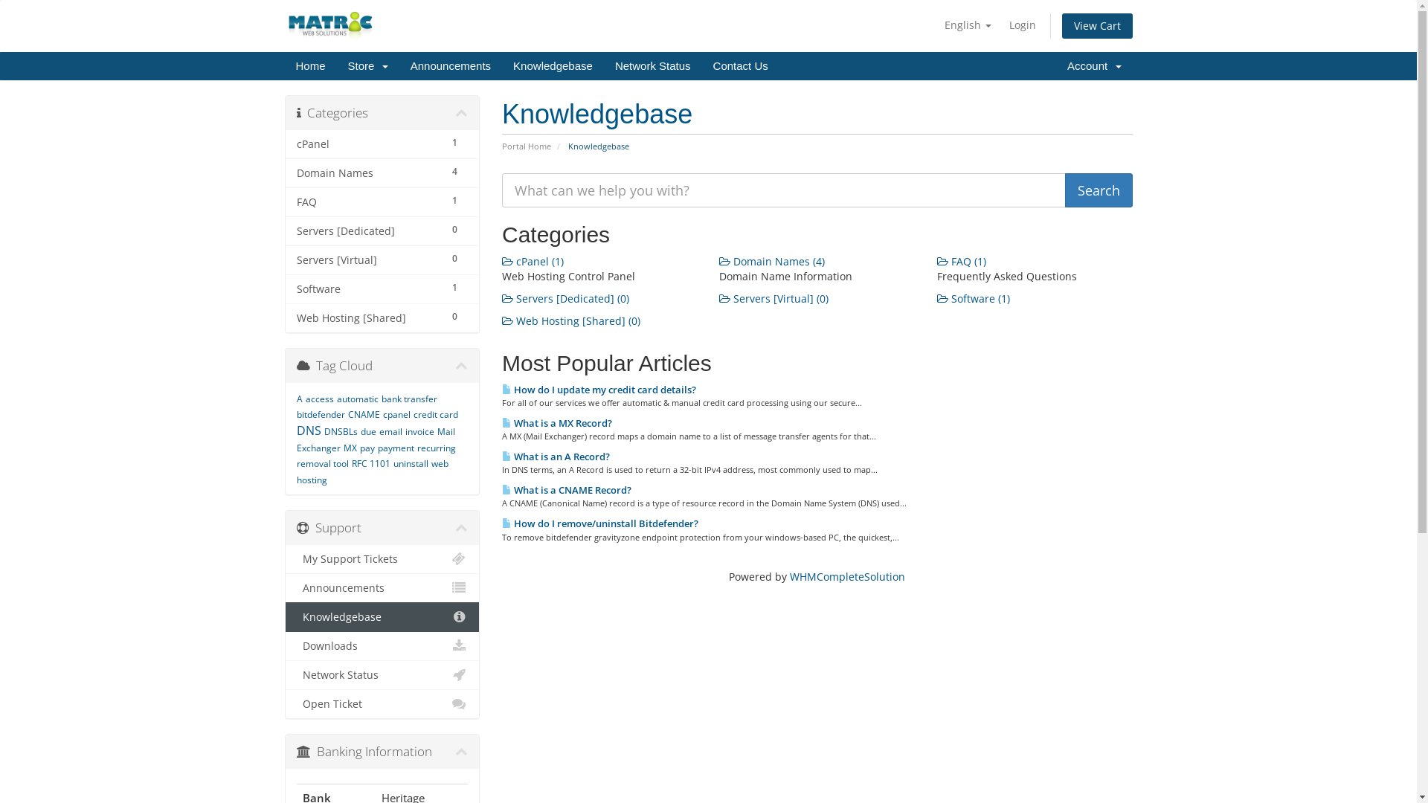 The image size is (1428, 803). What do you see at coordinates (382, 231) in the screenshot?
I see `'0` at bounding box center [382, 231].